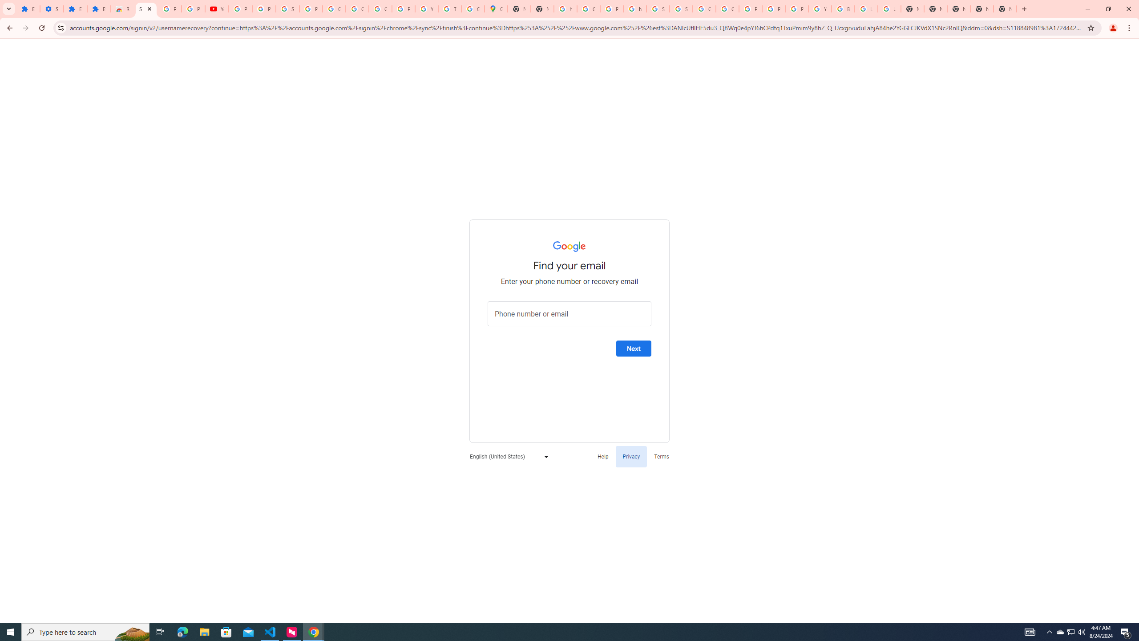 This screenshot has width=1139, height=641. I want to click on 'Sign in - Google Accounts', so click(145, 8).